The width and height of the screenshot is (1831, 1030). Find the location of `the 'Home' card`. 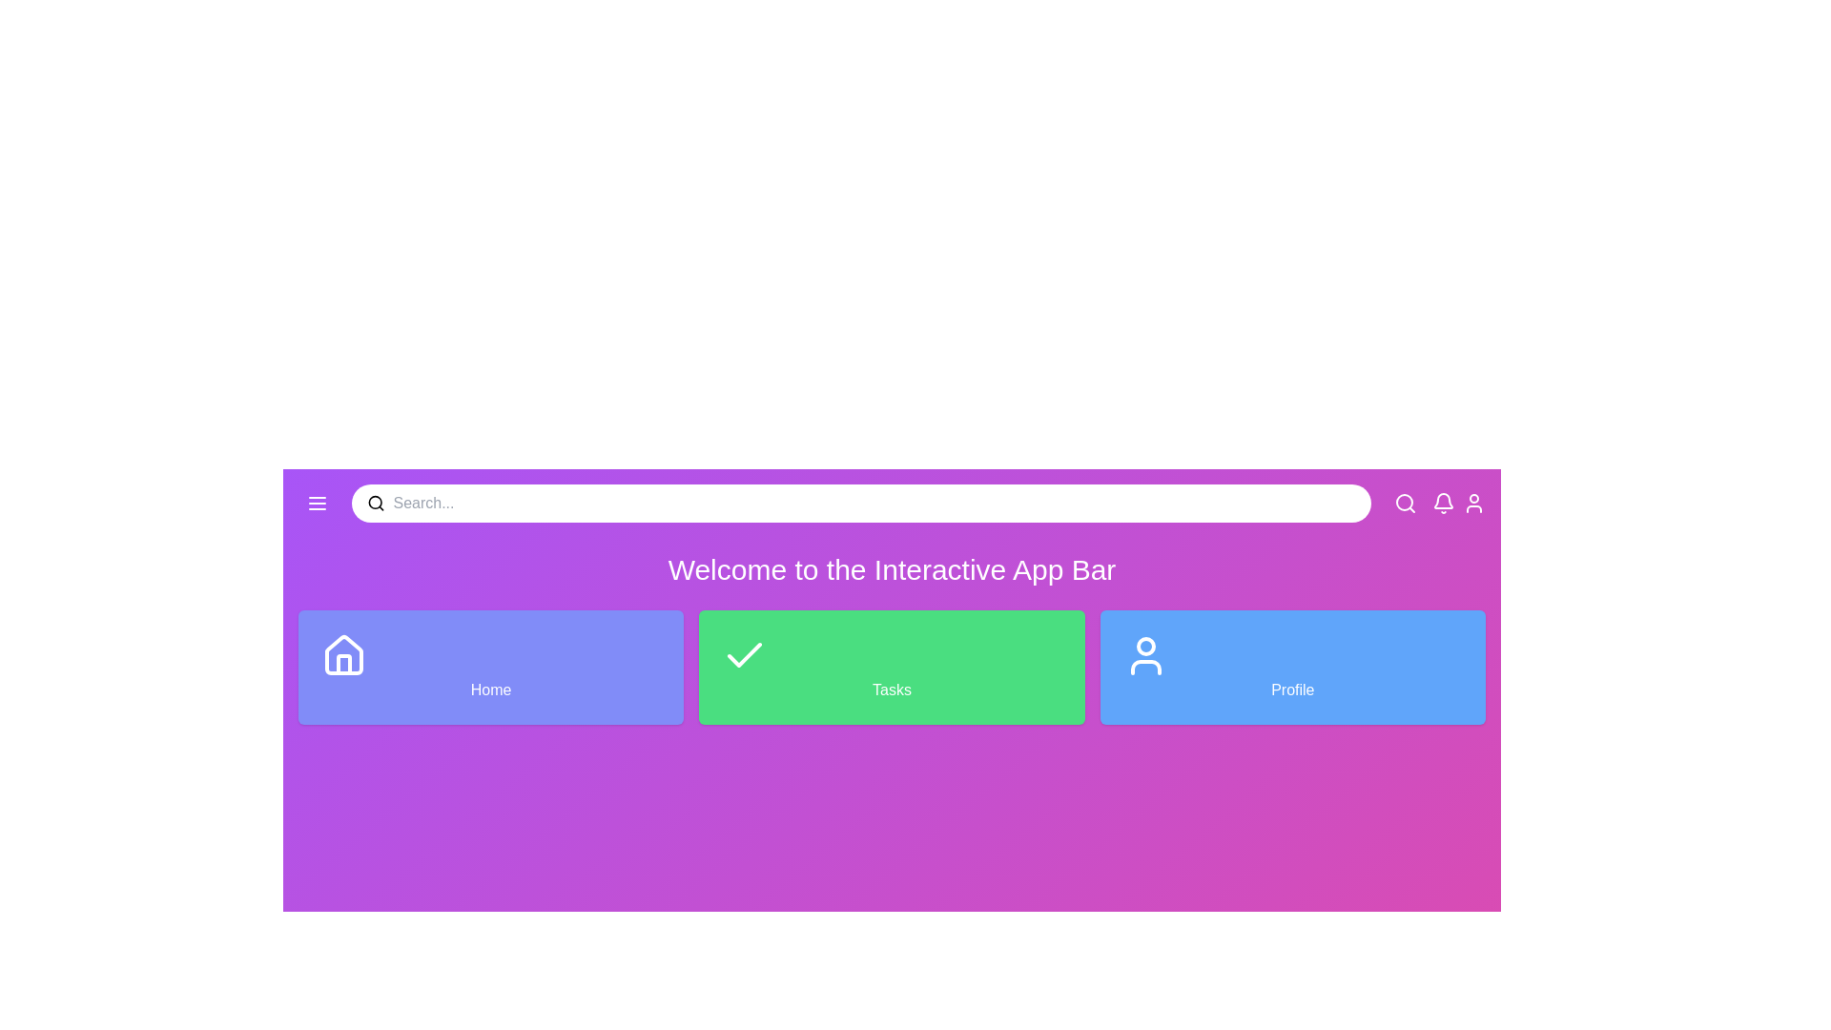

the 'Home' card is located at coordinates (490, 666).